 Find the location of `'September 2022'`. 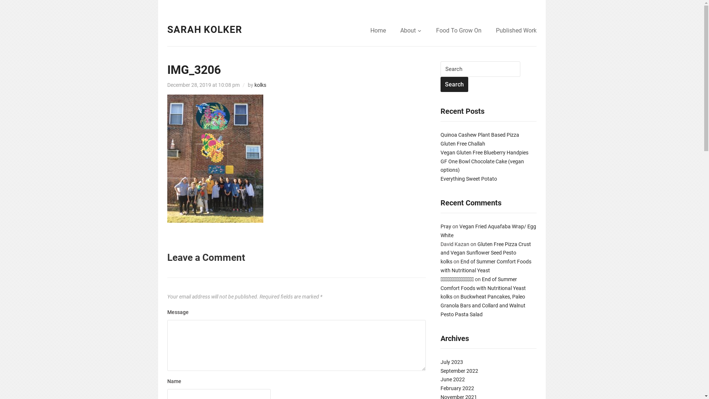

'September 2022' is located at coordinates (459, 371).